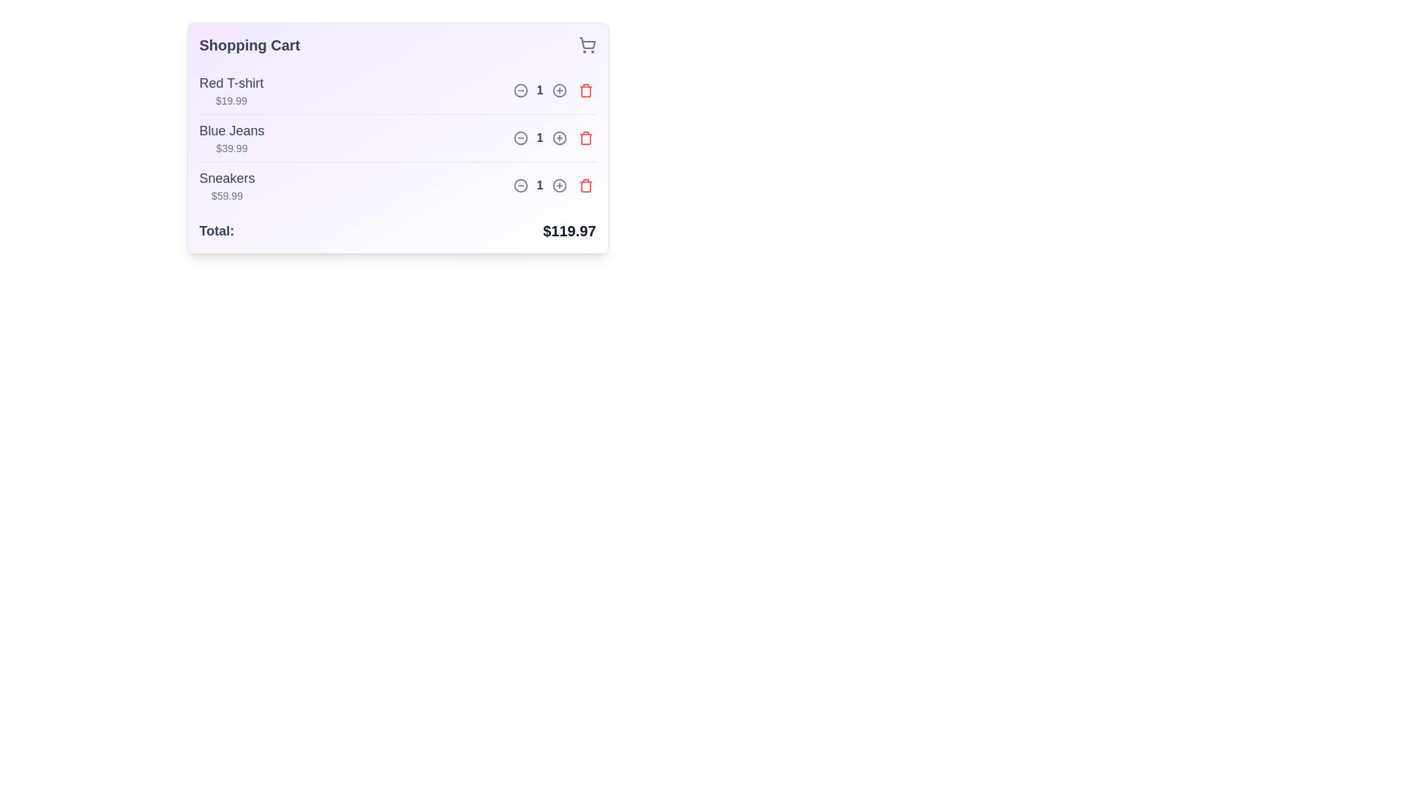 This screenshot has width=1405, height=790. Describe the element at coordinates (585, 90) in the screenshot. I see `the delete button located at the far right side of the top row in the shopping cart interface` at that location.